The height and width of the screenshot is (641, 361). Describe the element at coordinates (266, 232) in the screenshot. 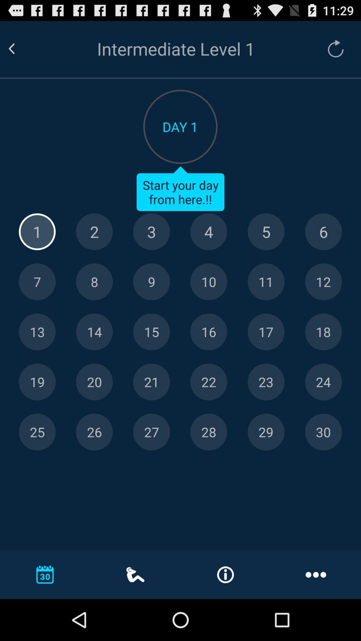

I see `click day of the week` at that location.